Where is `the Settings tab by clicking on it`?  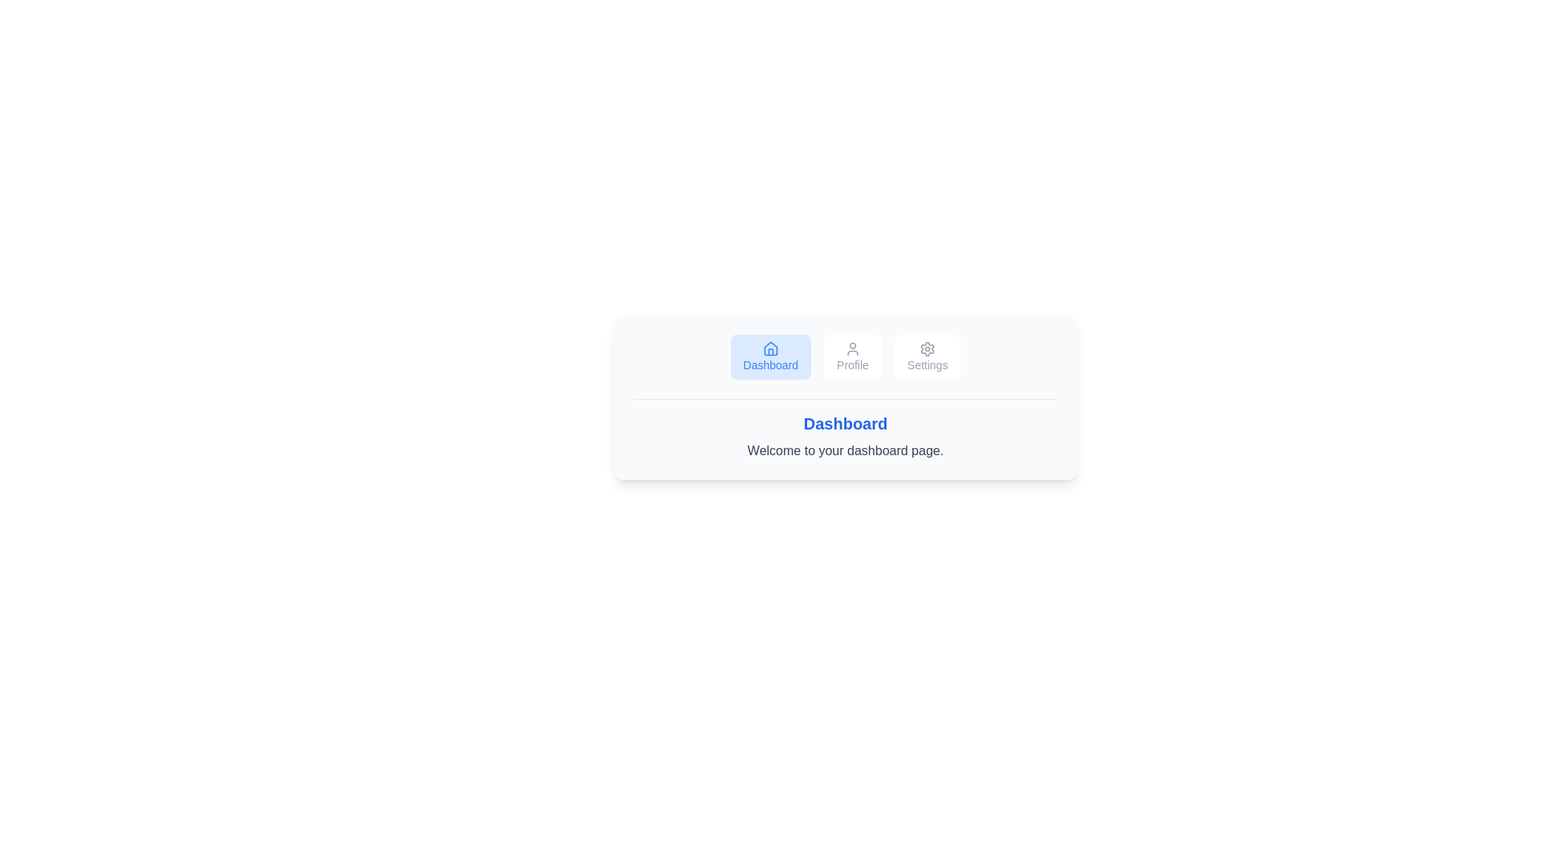 the Settings tab by clicking on it is located at coordinates (928, 356).